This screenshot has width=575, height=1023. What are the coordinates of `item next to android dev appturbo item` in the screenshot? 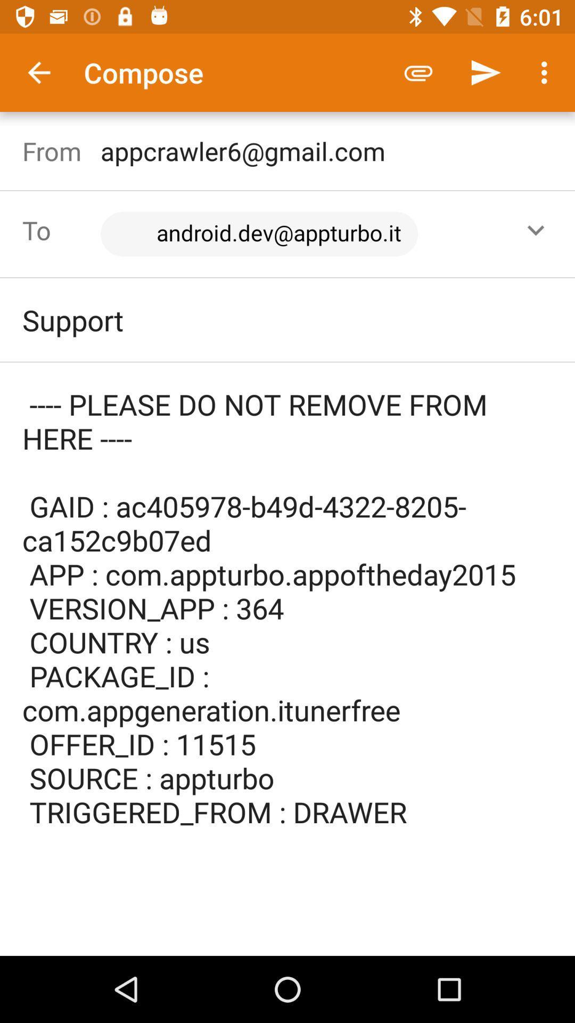 It's located at (536, 230).